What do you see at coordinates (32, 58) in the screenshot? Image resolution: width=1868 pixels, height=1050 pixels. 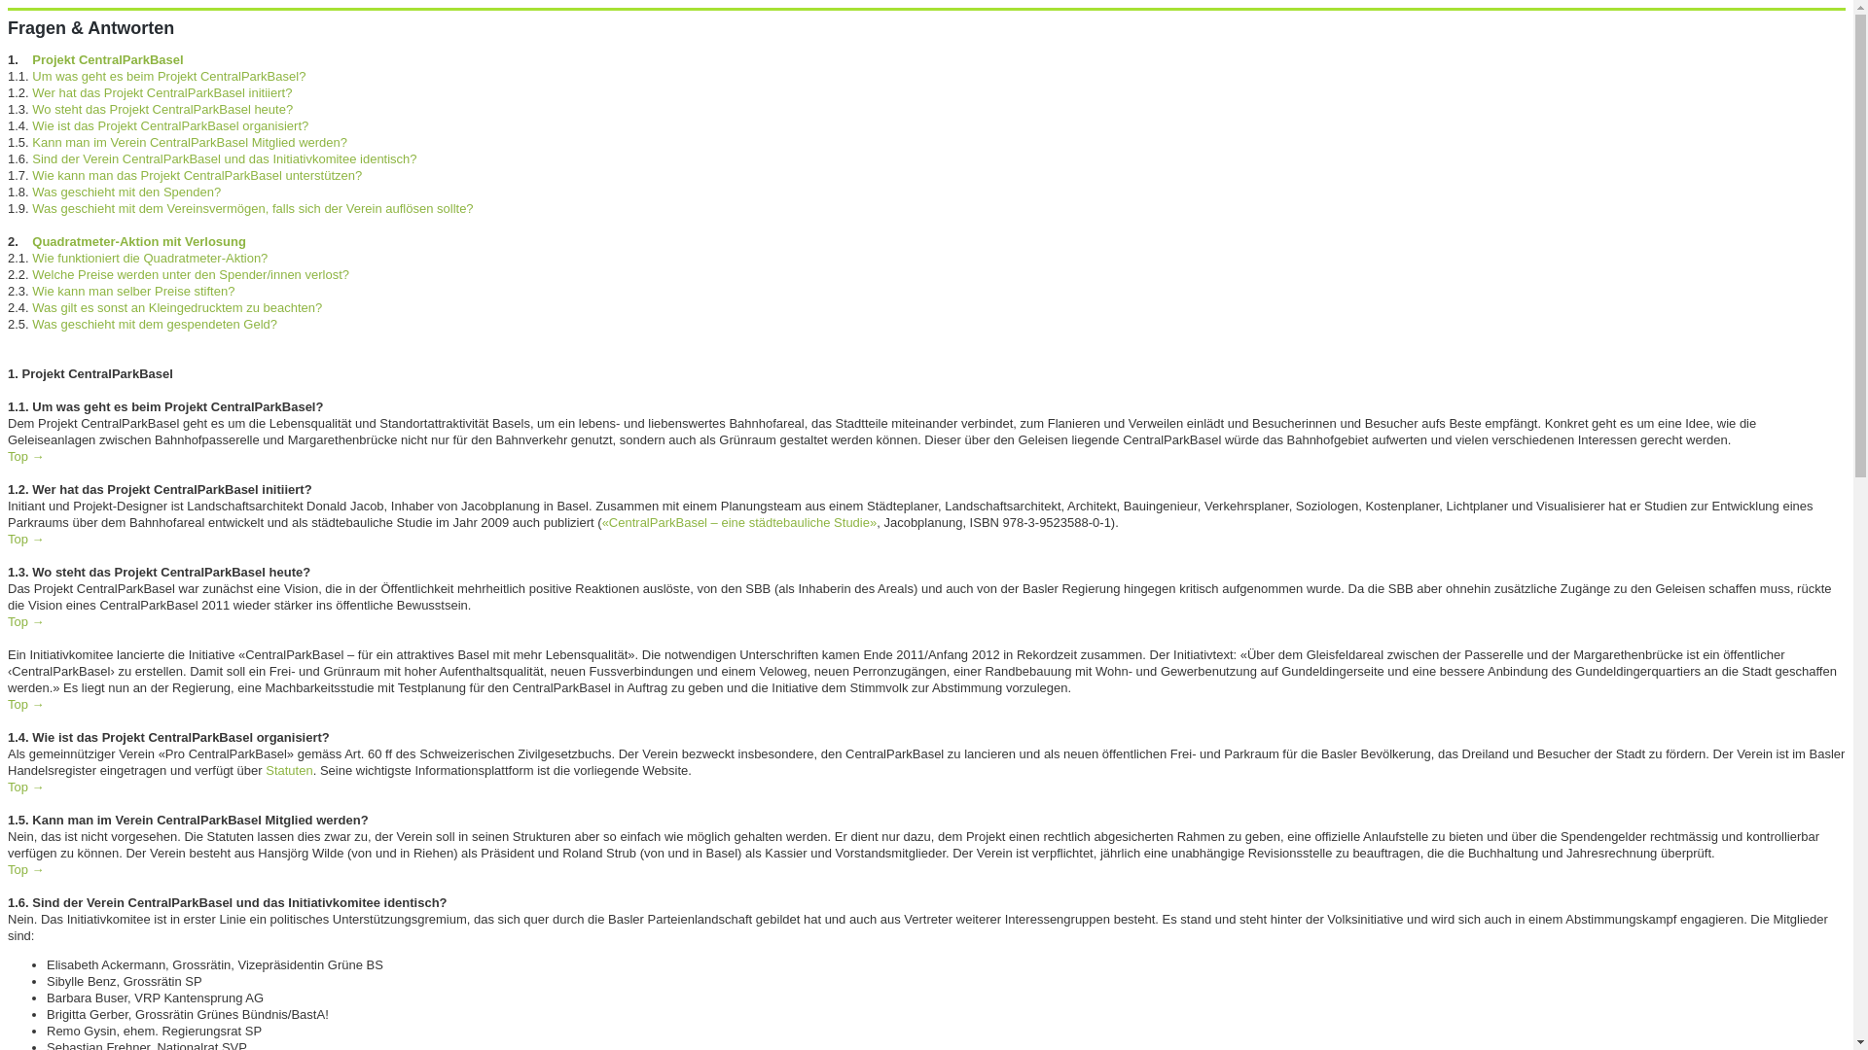 I see `'Projekt CentralParkBasel'` at bounding box center [32, 58].